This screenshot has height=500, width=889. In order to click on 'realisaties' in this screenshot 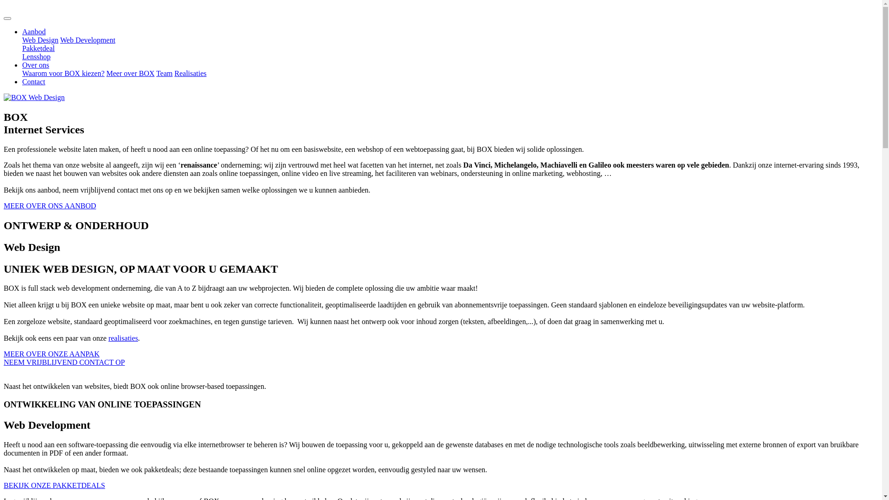, I will do `click(122, 338)`.